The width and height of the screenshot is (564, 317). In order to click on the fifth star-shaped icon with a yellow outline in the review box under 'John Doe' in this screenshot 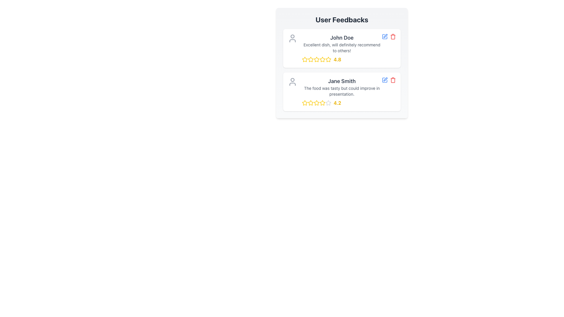, I will do `click(328, 60)`.